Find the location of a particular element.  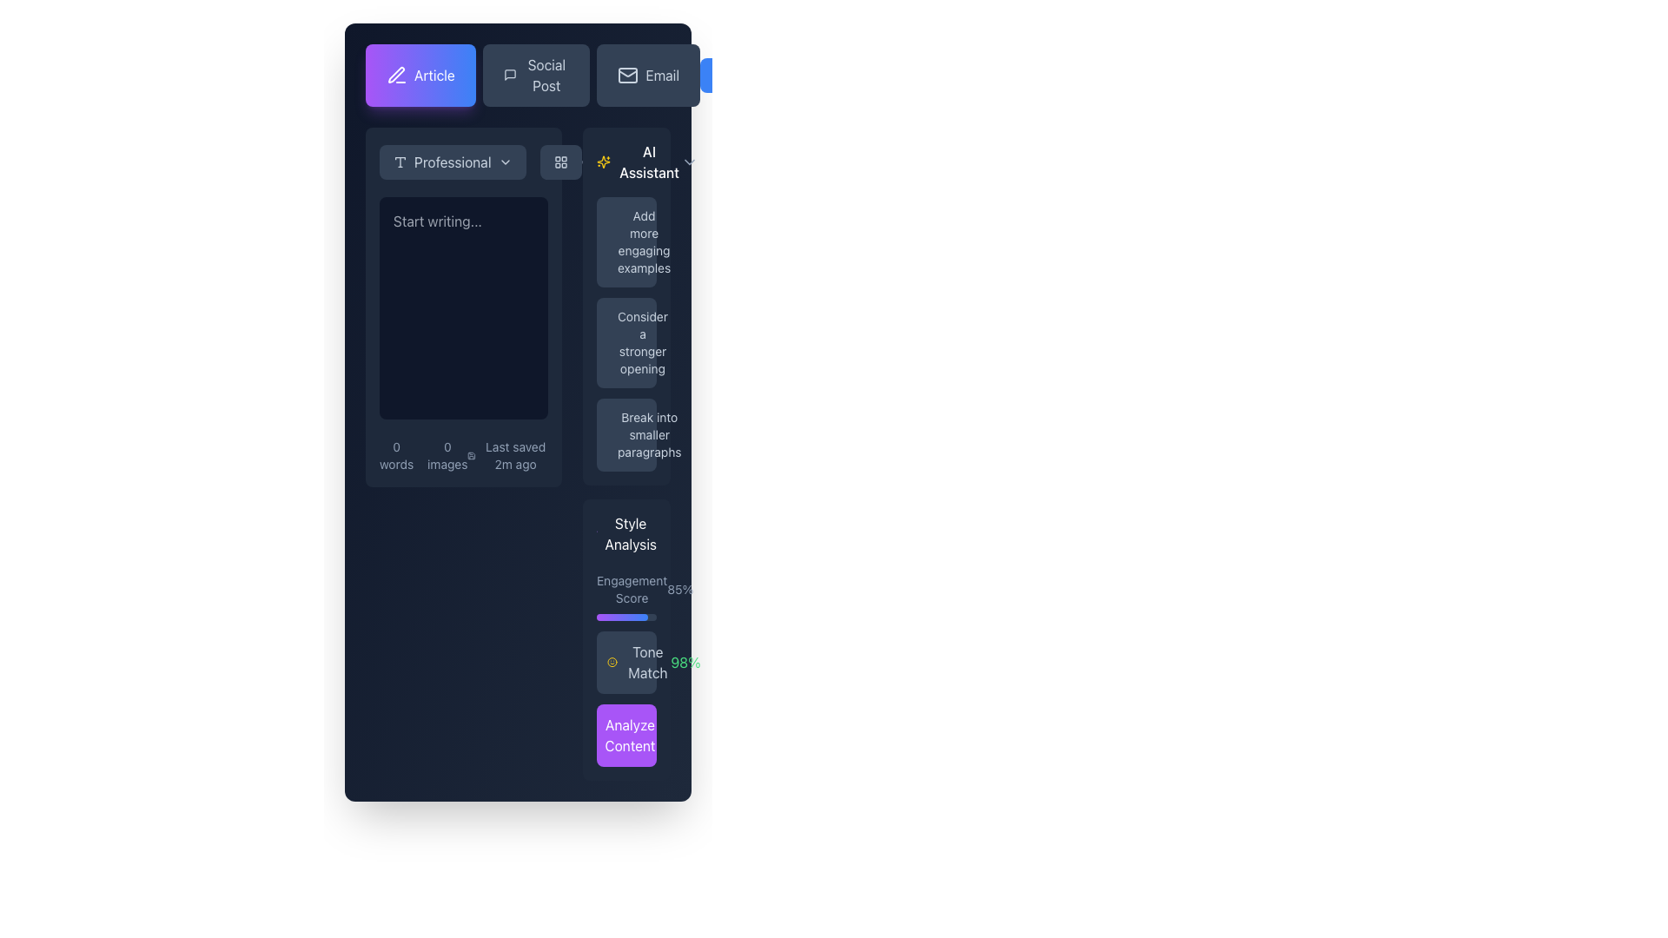

the pen icon located on the left side of the 'Article' button to initiate the action of starting a new article is located at coordinates (395, 75).